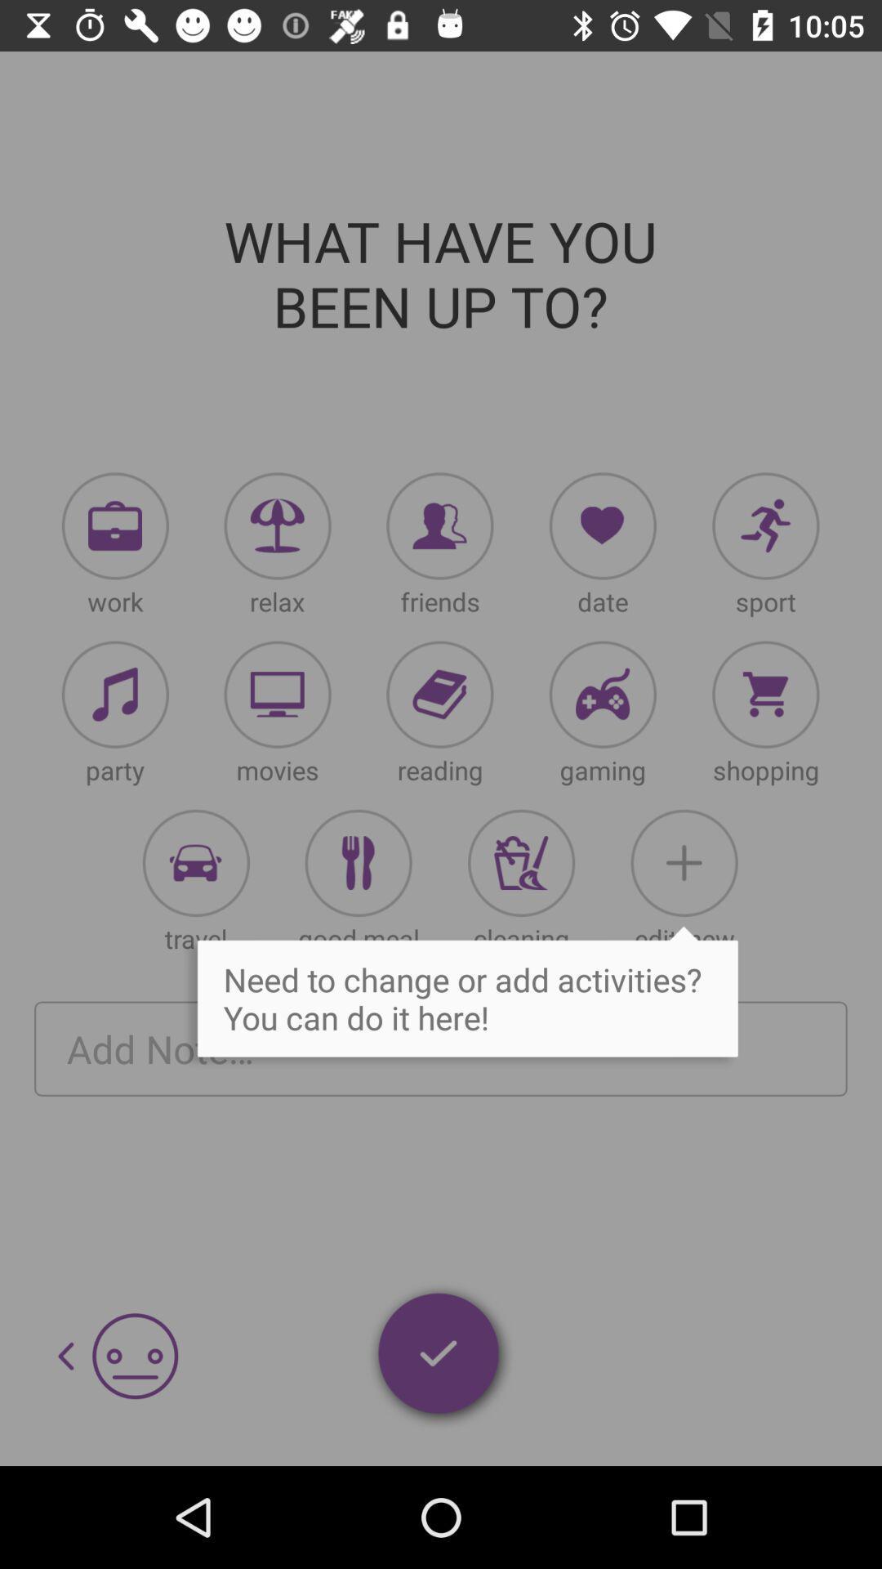 The width and height of the screenshot is (882, 1569). I want to click on relax icon, so click(277, 525).